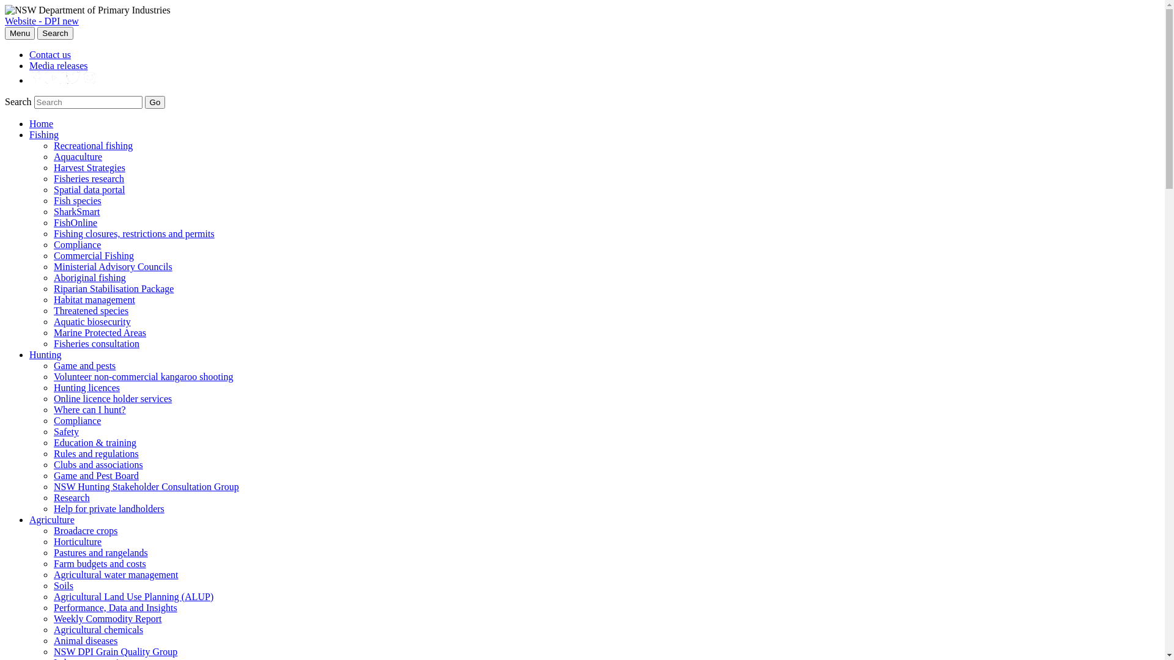 Image resolution: width=1174 pixels, height=660 pixels. Describe the element at coordinates (100, 563) in the screenshot. I see `'Farm budgets and costs'` at that location.